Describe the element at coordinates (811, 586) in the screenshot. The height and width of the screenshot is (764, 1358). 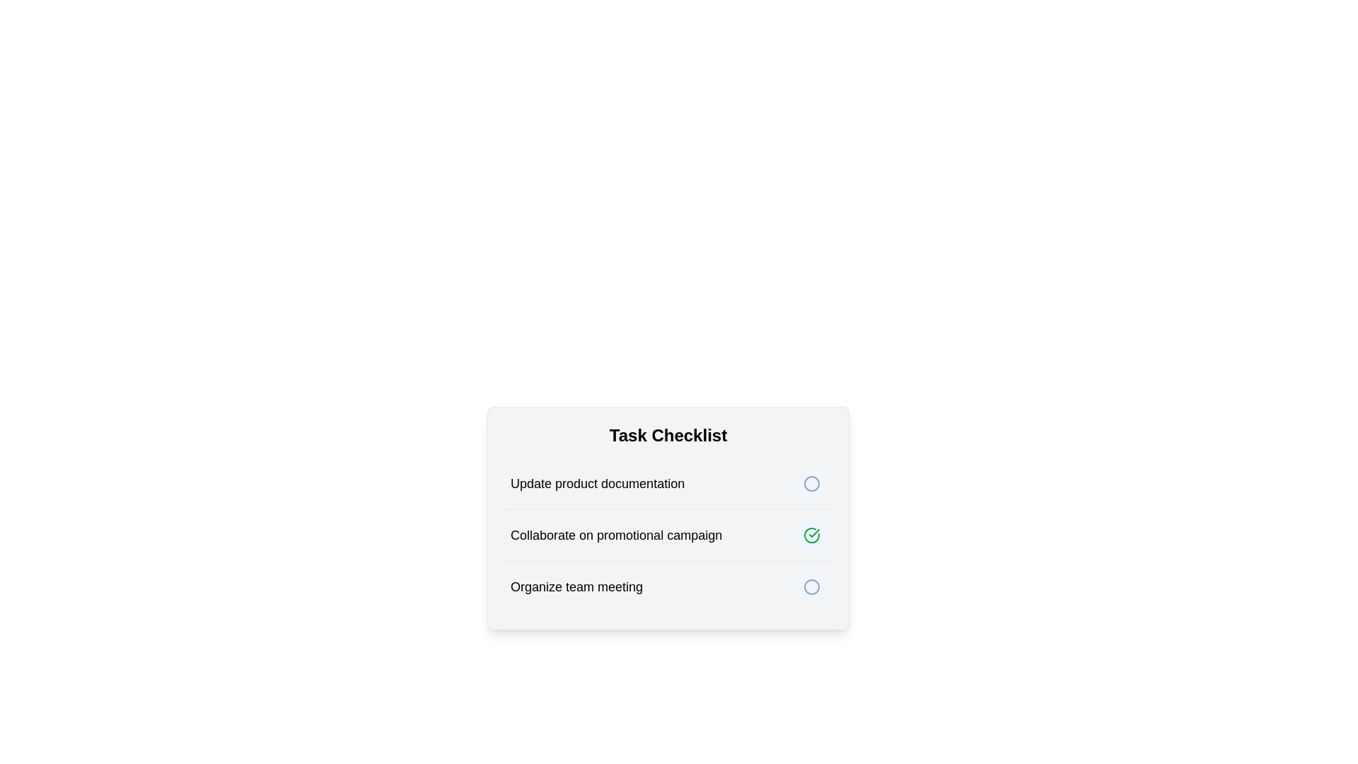
I see `the circular icon with a gray outline representing an unselected state, aligned with the 'Organize team meeting' text label in the task checklist` at that location.